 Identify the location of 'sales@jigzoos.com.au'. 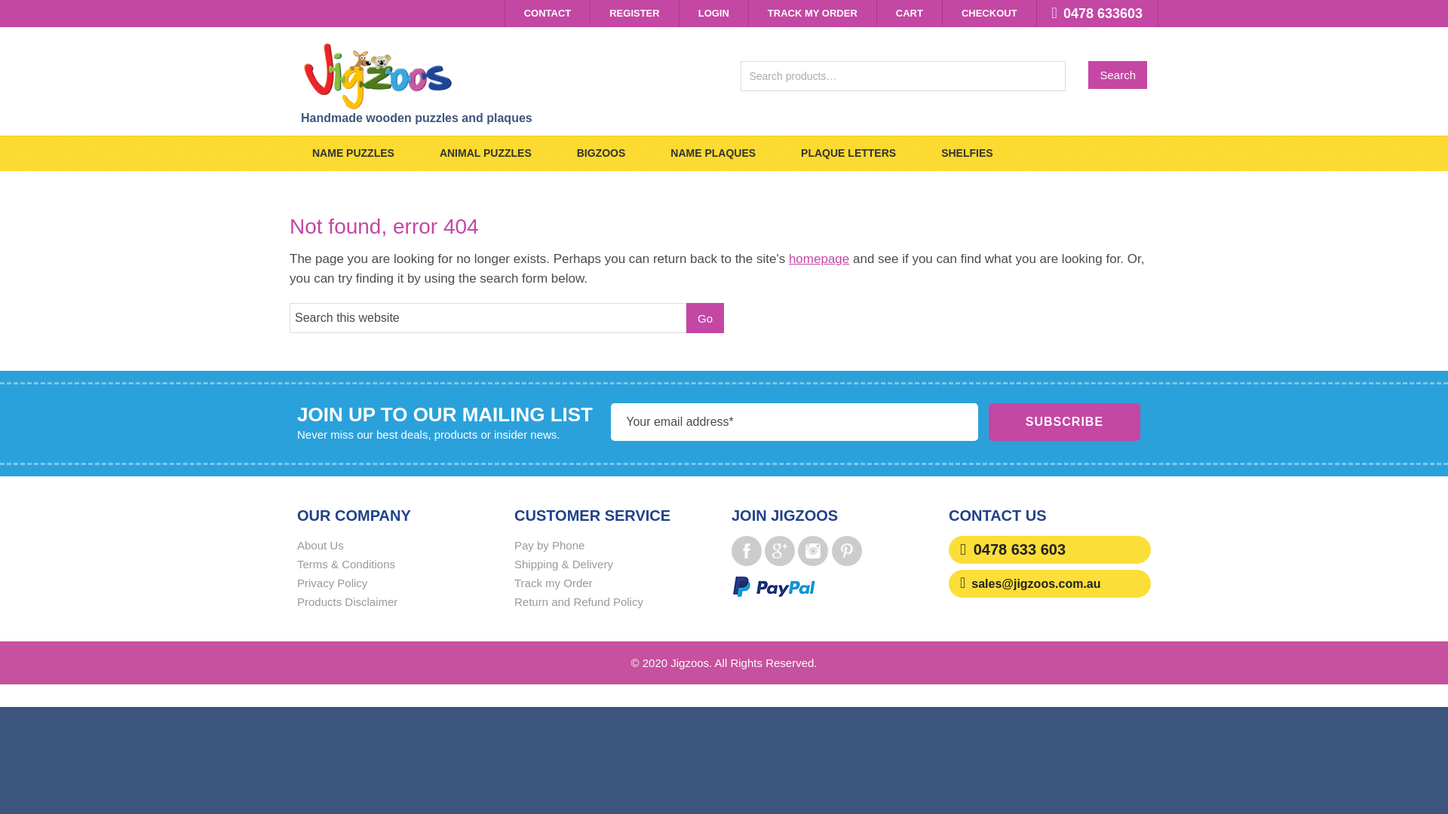
(1035, 583).